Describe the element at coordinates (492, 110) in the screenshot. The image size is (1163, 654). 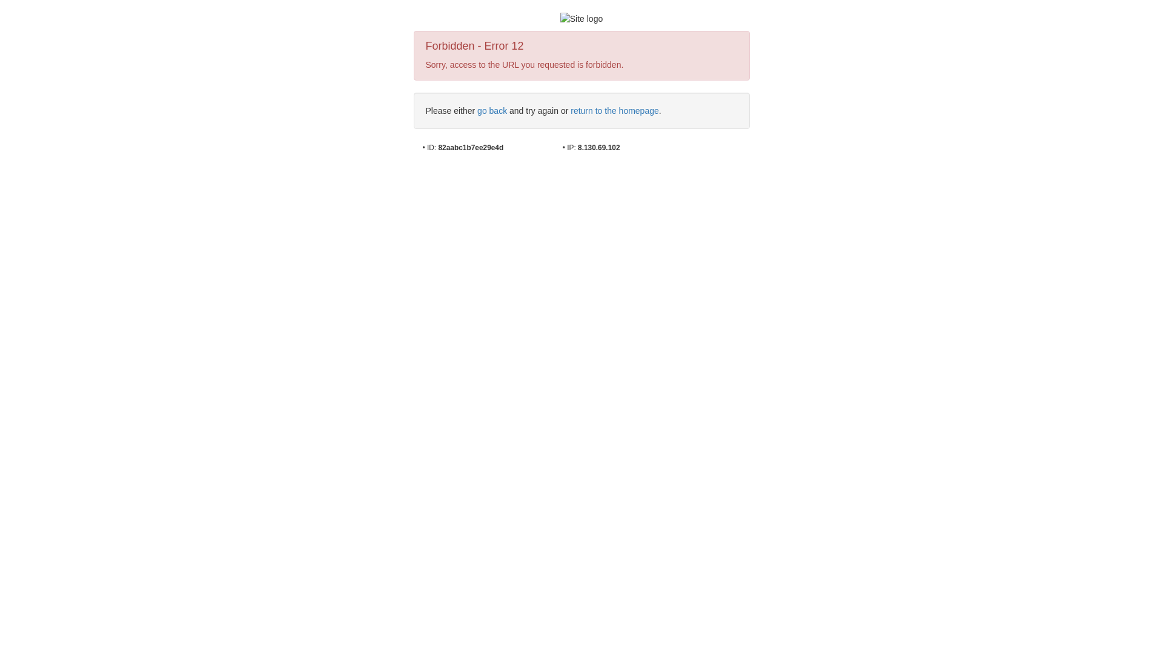
I see `'go back'` at that location.